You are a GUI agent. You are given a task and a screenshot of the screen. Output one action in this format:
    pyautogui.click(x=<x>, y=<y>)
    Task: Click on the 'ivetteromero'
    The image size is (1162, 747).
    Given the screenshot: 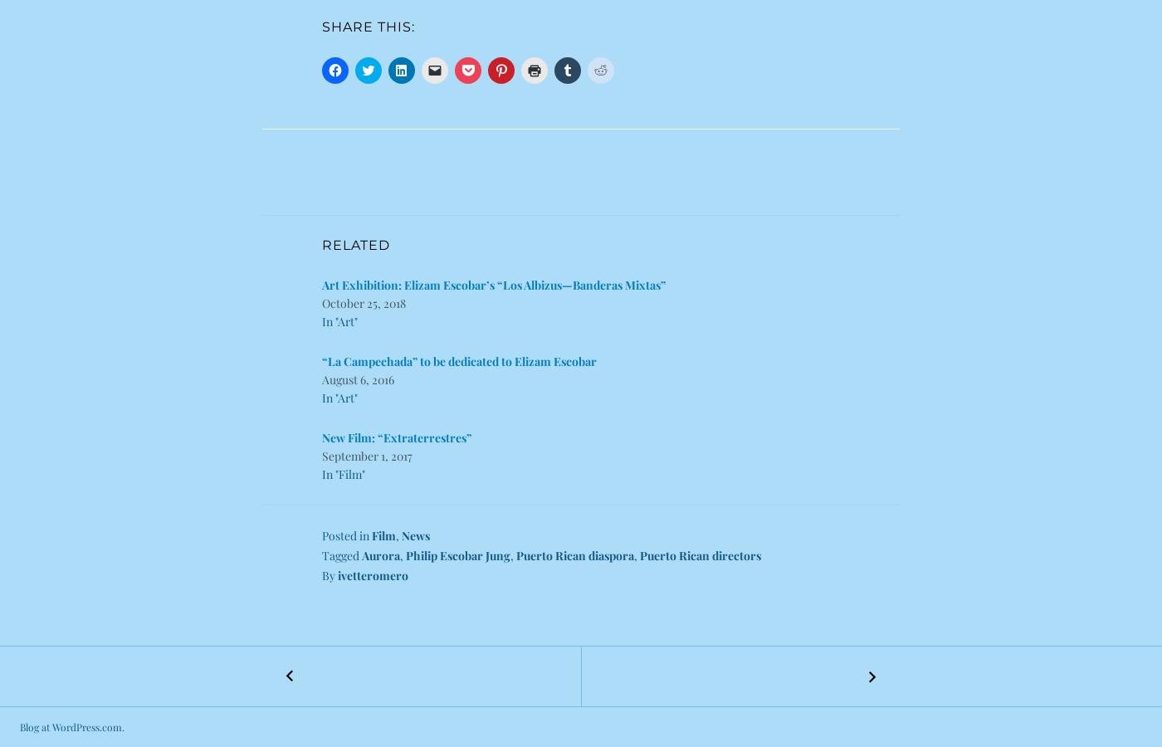 What is the action you would take?
    pyautogui.click(x=373, y=574)
    